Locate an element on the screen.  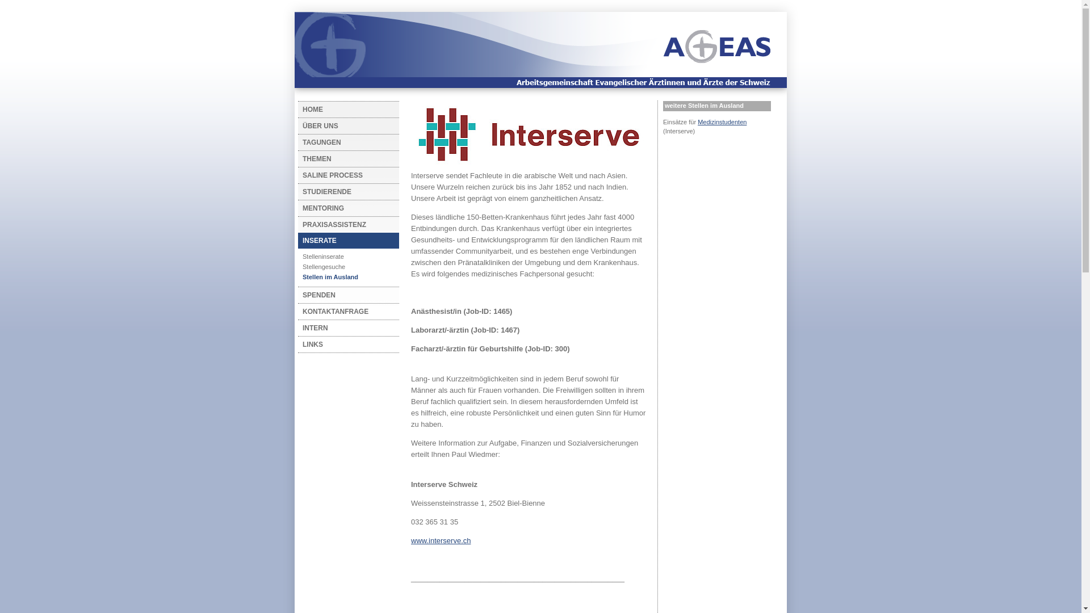
'HOME' is located at coordinates (344, 109).